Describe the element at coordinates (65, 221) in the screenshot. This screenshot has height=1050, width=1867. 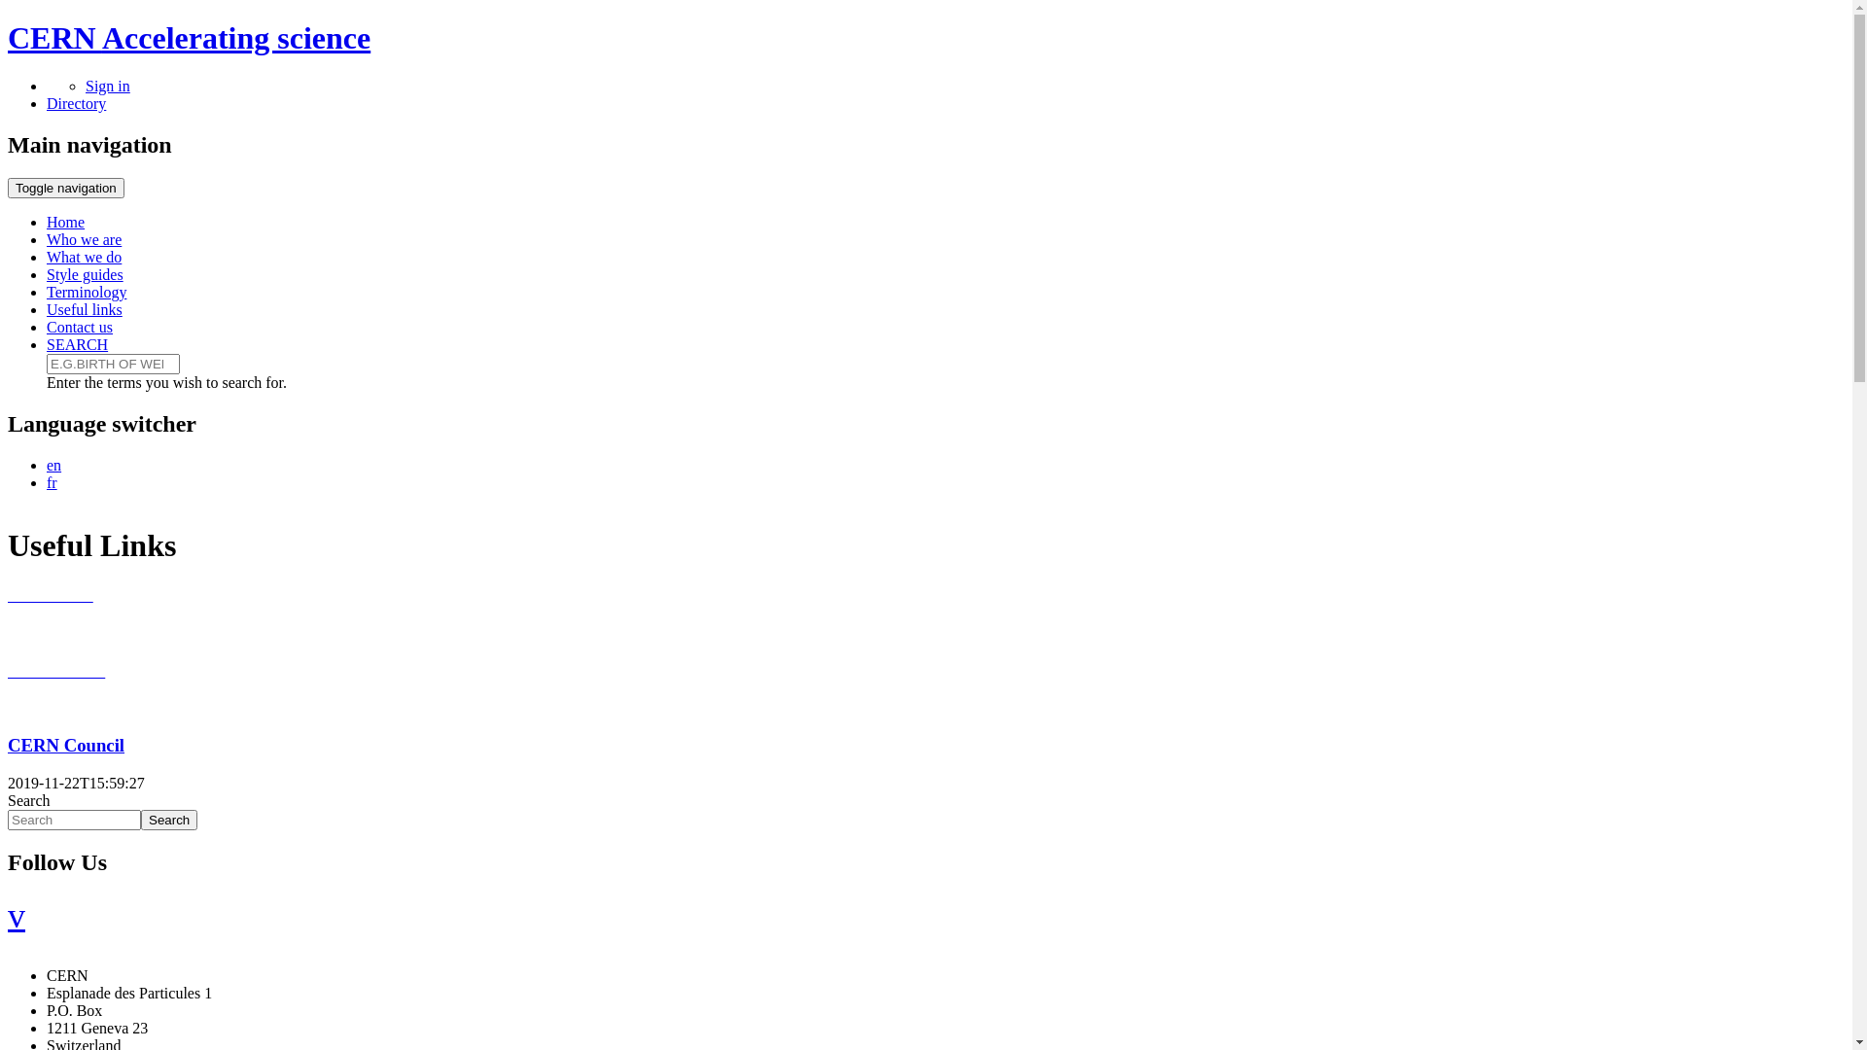
I see `'Home'` at that location.